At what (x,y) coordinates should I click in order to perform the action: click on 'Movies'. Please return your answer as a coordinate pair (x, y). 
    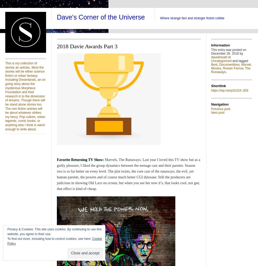
    Looking at the image, I should click on (216, 68).